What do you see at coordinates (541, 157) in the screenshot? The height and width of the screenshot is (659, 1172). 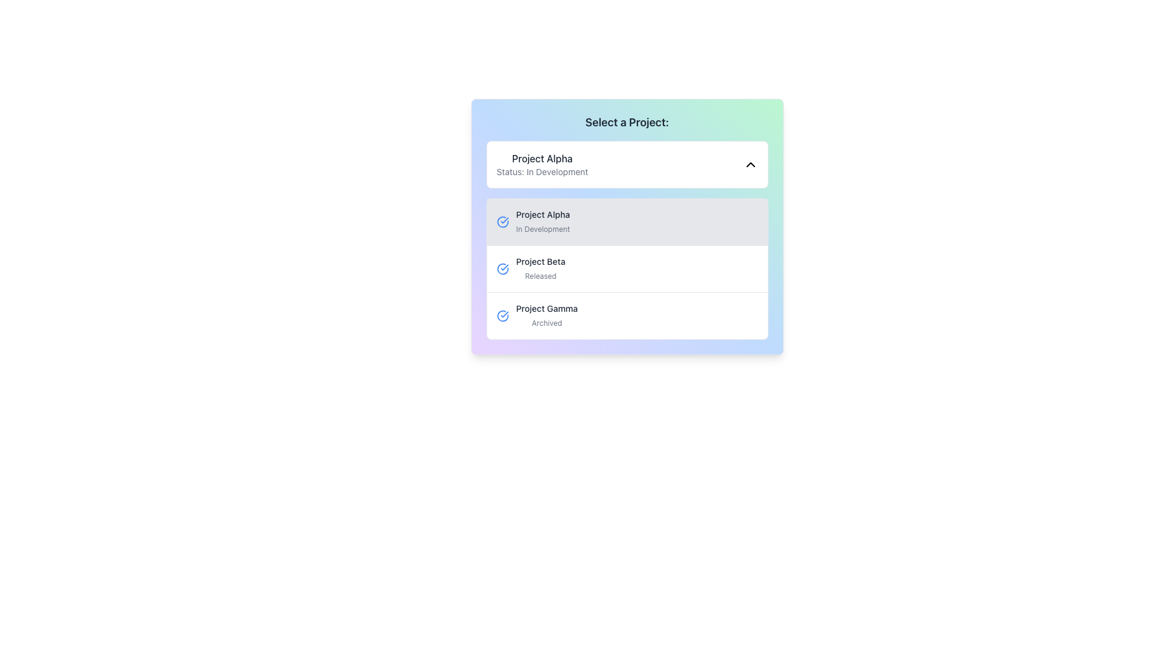 I see `the text label displaying 'Project Alpha' which is prominently shown in dark gray font within the dropdown section labeled 'Select a Project:'` at bounding box center [541, 157].